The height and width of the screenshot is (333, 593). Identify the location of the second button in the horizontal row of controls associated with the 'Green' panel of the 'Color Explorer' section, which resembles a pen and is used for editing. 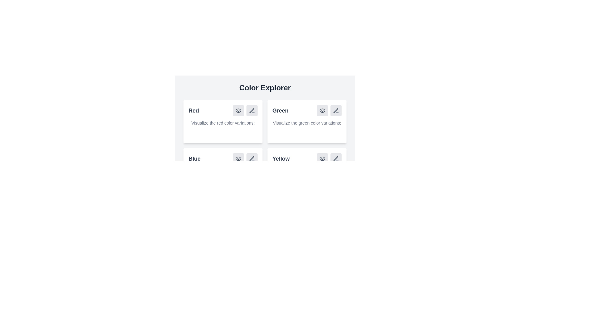
(335, 110).